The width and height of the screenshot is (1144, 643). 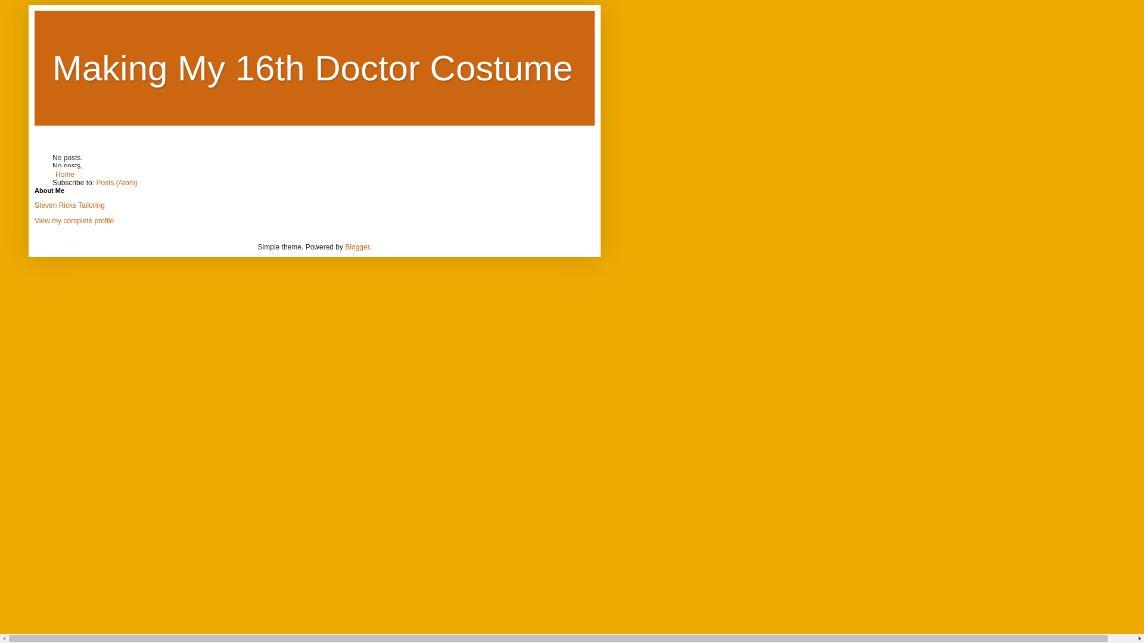 I want to click on 'Blogger', so click(x=356, y=246).